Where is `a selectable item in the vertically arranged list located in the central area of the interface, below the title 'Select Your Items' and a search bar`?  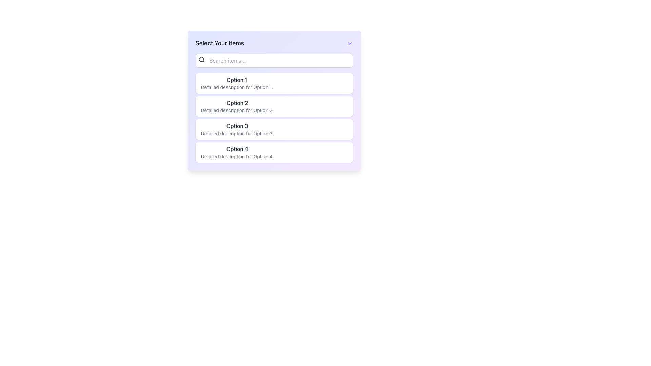
a selectable item in the vertically arranged list located in the central area of the interface, below the title 'Select Your Items' and a search bar is located at coordinates (274, 117).